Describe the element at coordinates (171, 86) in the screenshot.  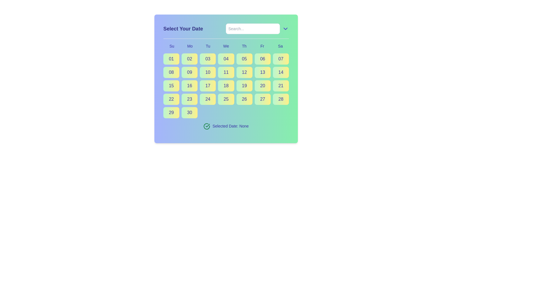
I see `the button in the third row and first column of the calendar interface` at that location.